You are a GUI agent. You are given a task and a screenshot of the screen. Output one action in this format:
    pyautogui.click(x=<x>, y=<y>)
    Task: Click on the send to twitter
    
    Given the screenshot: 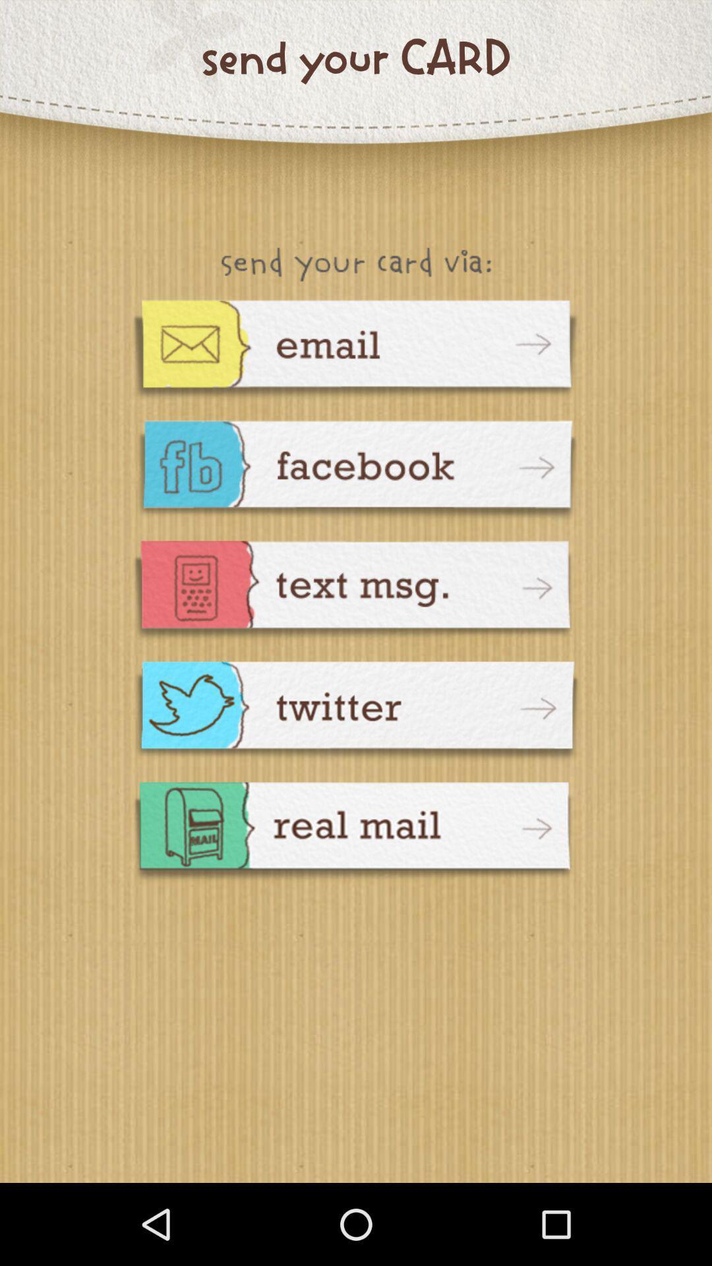 What is the action you would take?
    pyautogui.click(x=356, y=712)
    